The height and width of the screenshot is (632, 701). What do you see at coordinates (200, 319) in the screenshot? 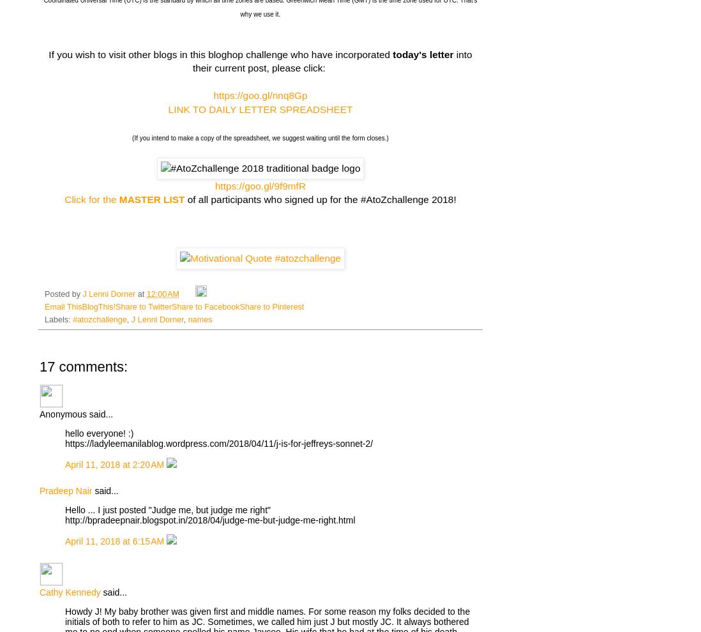
I see `'names'` at bounding box center [200, 319].